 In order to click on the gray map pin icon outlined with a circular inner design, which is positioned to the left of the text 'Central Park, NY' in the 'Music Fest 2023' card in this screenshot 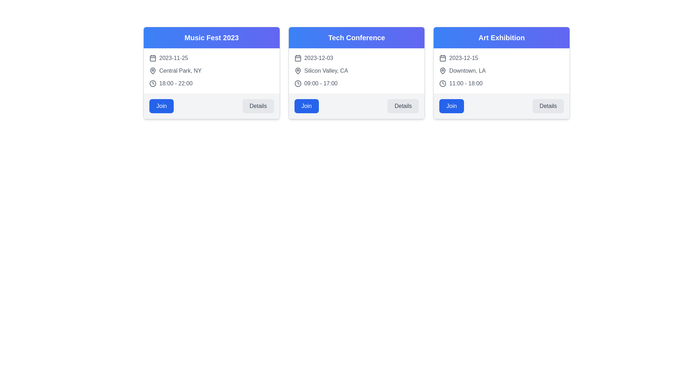, I will do `click(152, 71)`.